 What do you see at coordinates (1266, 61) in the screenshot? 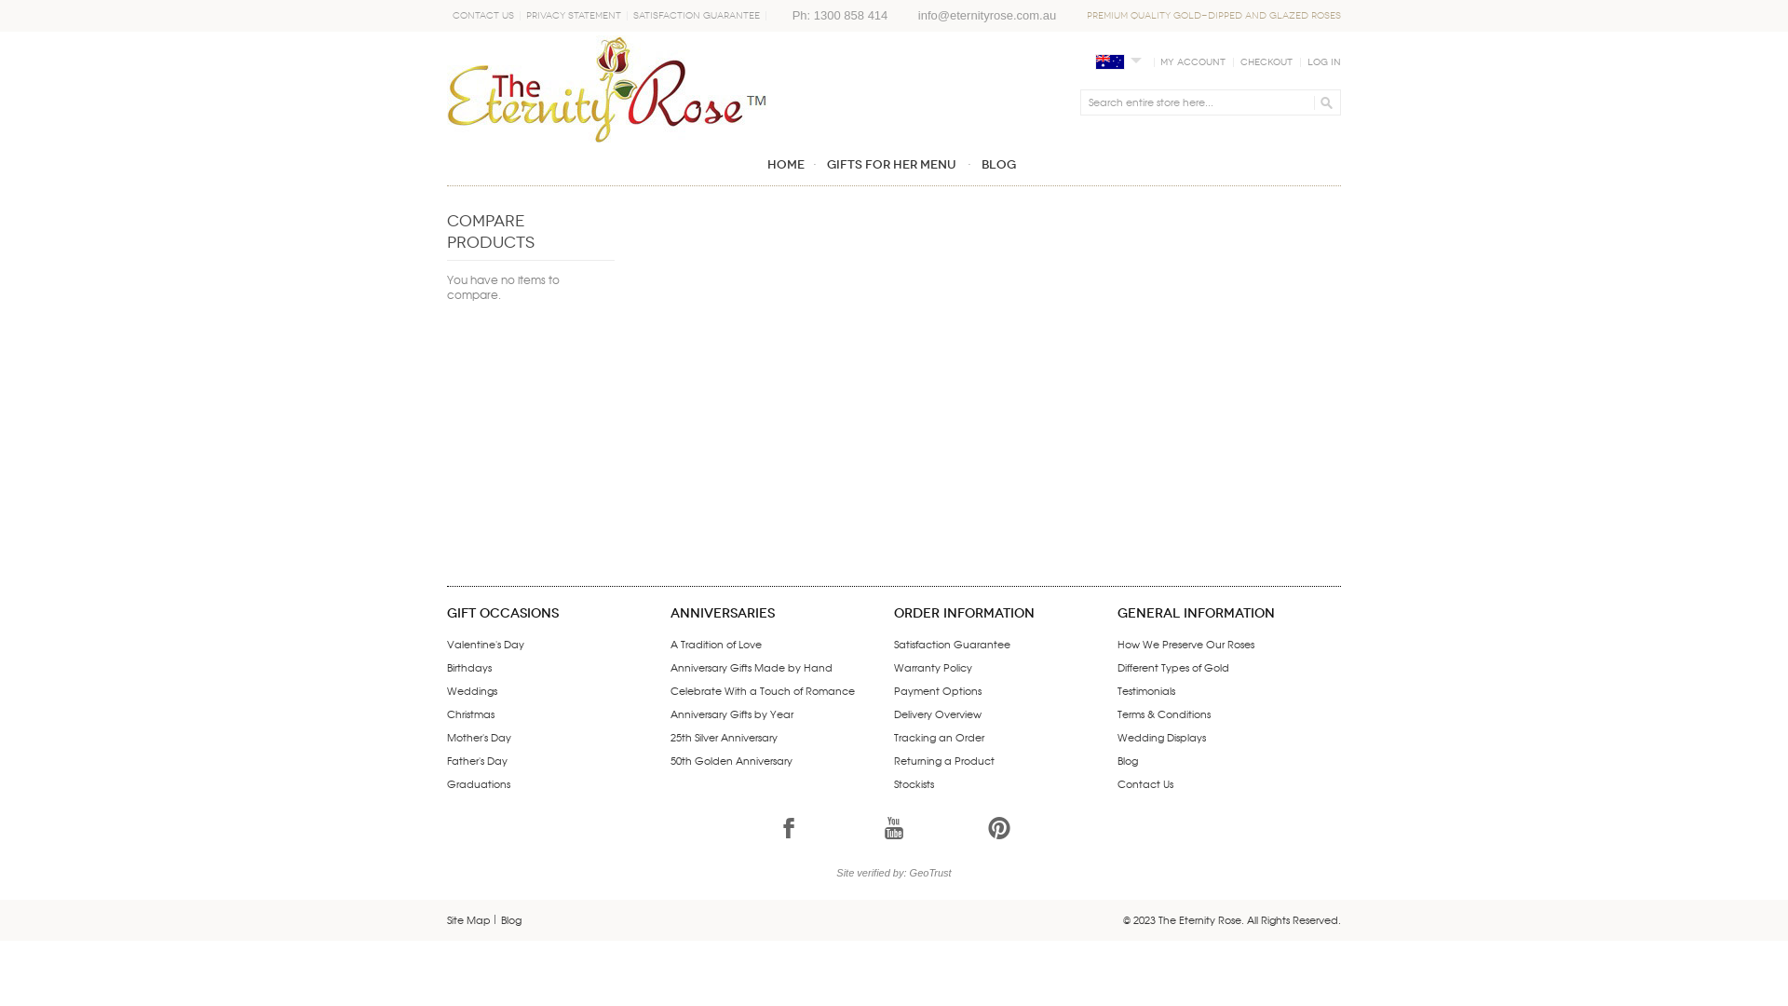
I see `'Checkout'` at bounding box center [1266, 61].